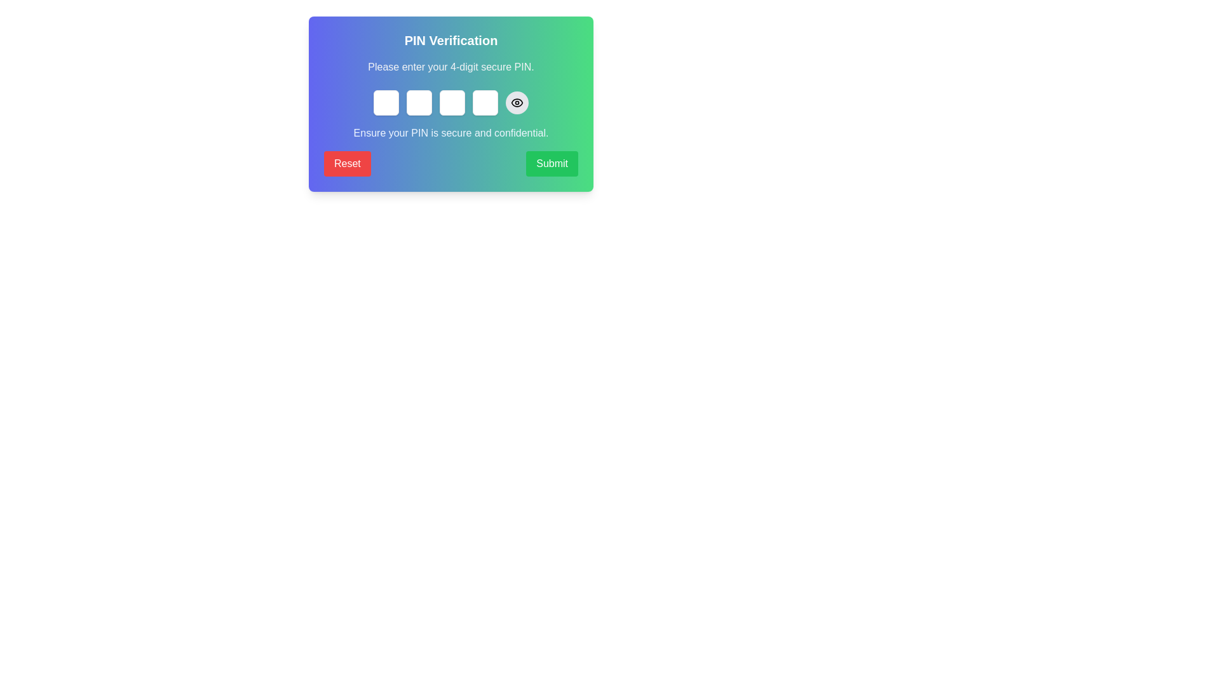  I want to click on the text label reading 'Ensure your PIN is secure and confidential.' which is styled in light blue and positioned prominently between the PIN input fields and the action buttons, so click(451, 133).